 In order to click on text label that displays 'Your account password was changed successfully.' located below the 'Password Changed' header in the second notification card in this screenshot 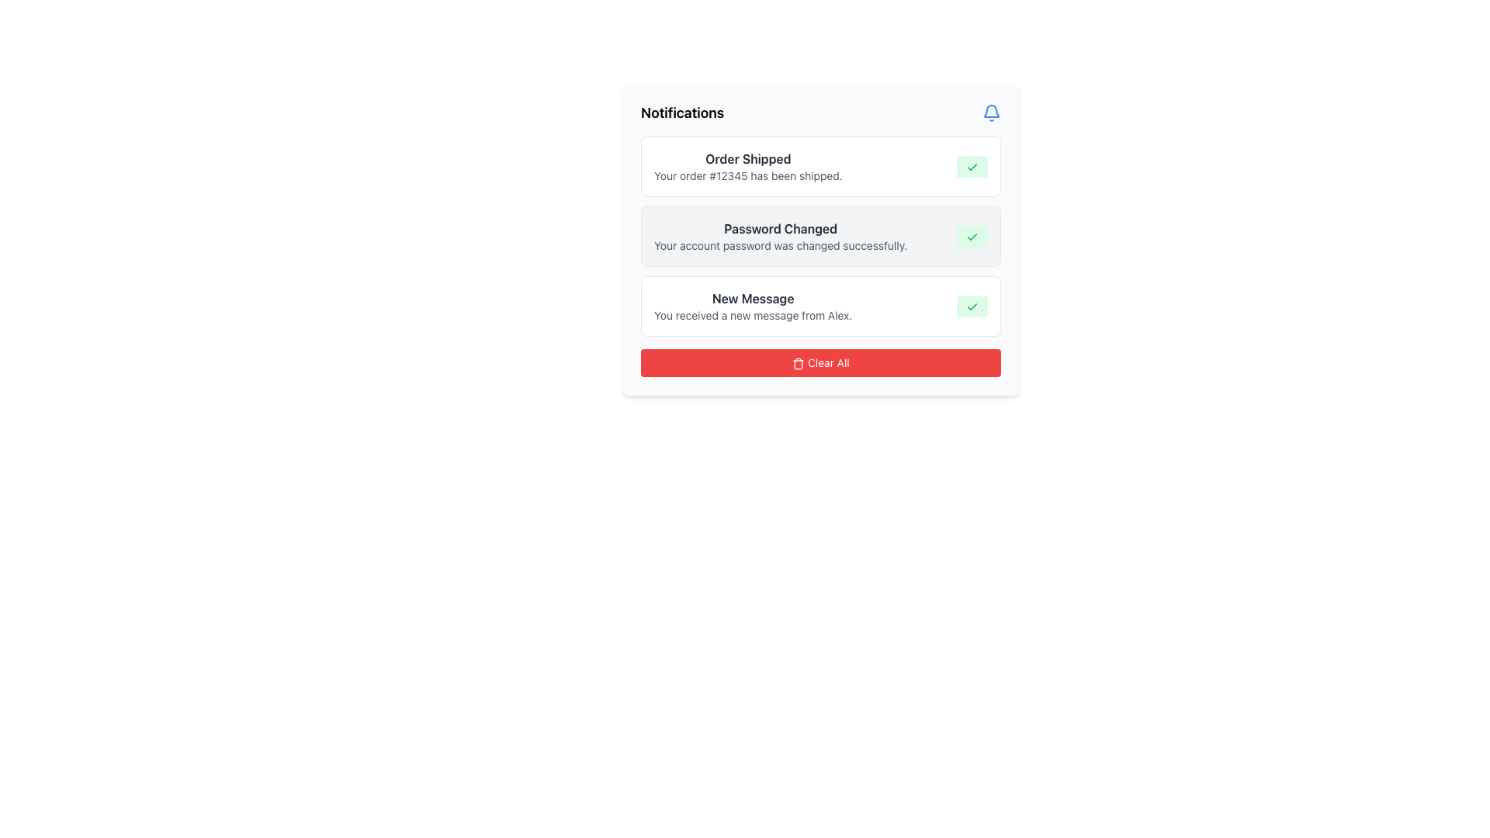, I will do `click(781, 244)`.